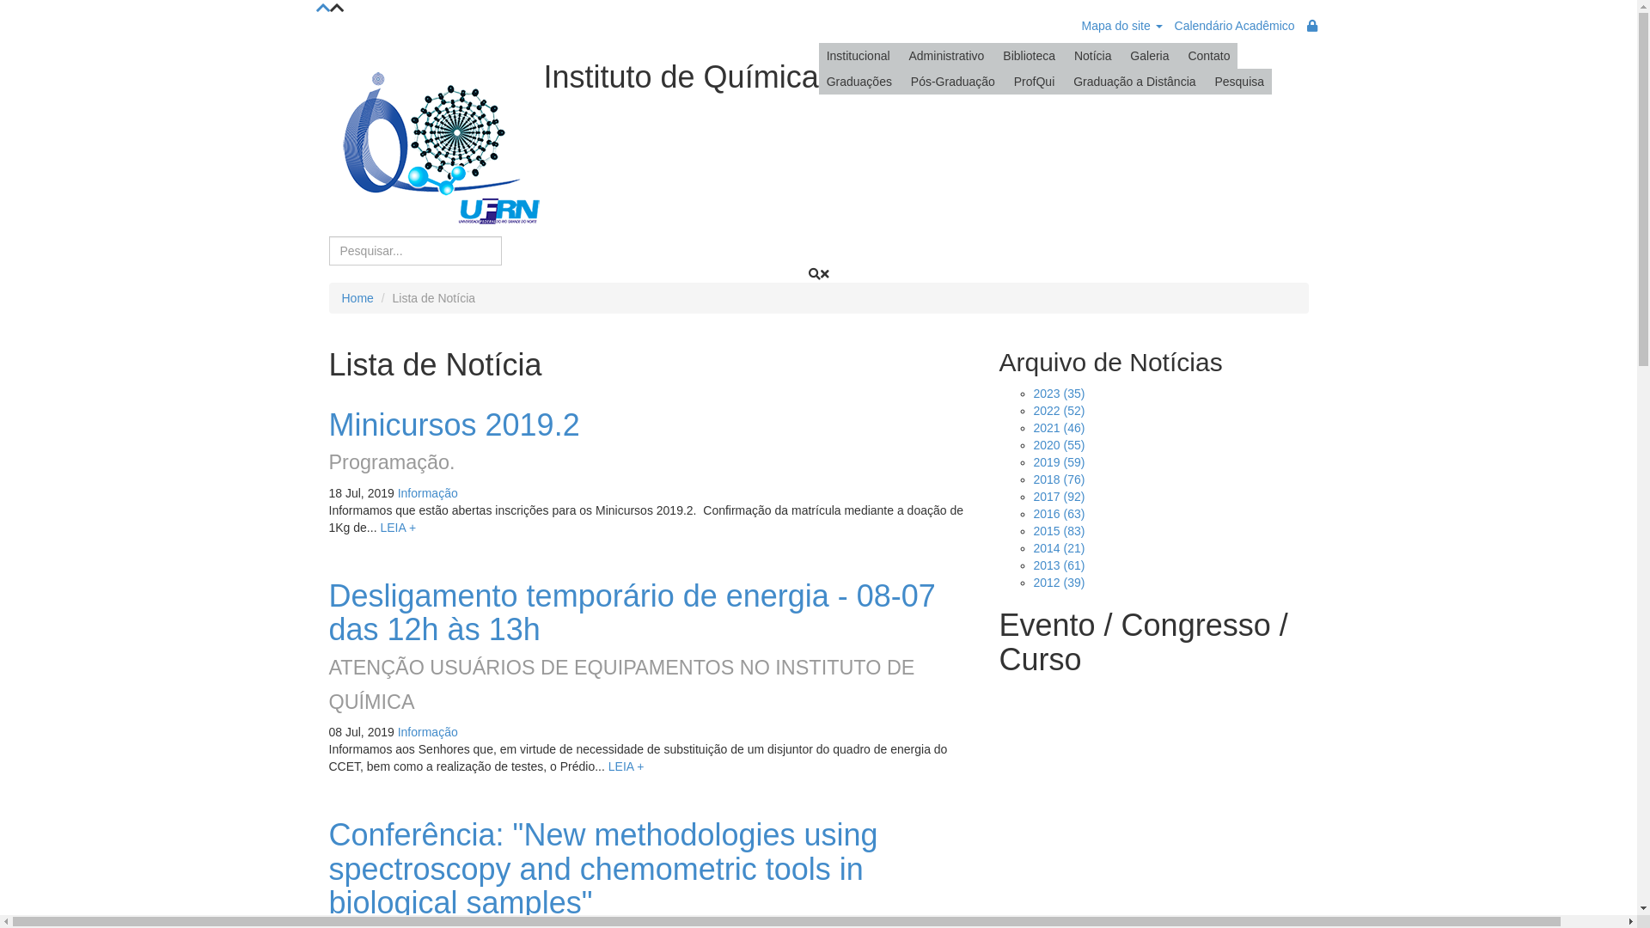 The image size is (1650, 928). I want to click on '2019 (59)', so click(1058, 461).